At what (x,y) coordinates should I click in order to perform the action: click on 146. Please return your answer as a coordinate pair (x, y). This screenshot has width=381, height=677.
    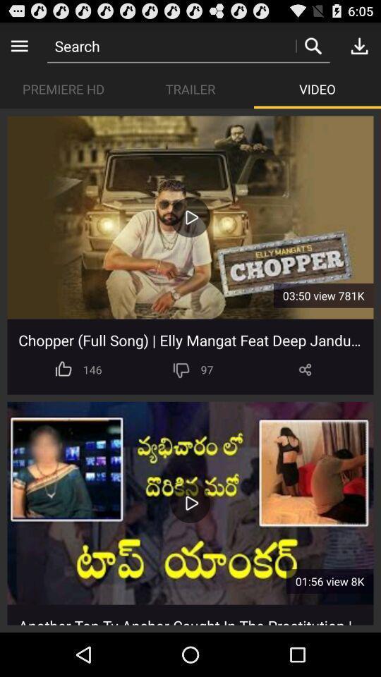
    Looking at the image, I should click on (92, 369).